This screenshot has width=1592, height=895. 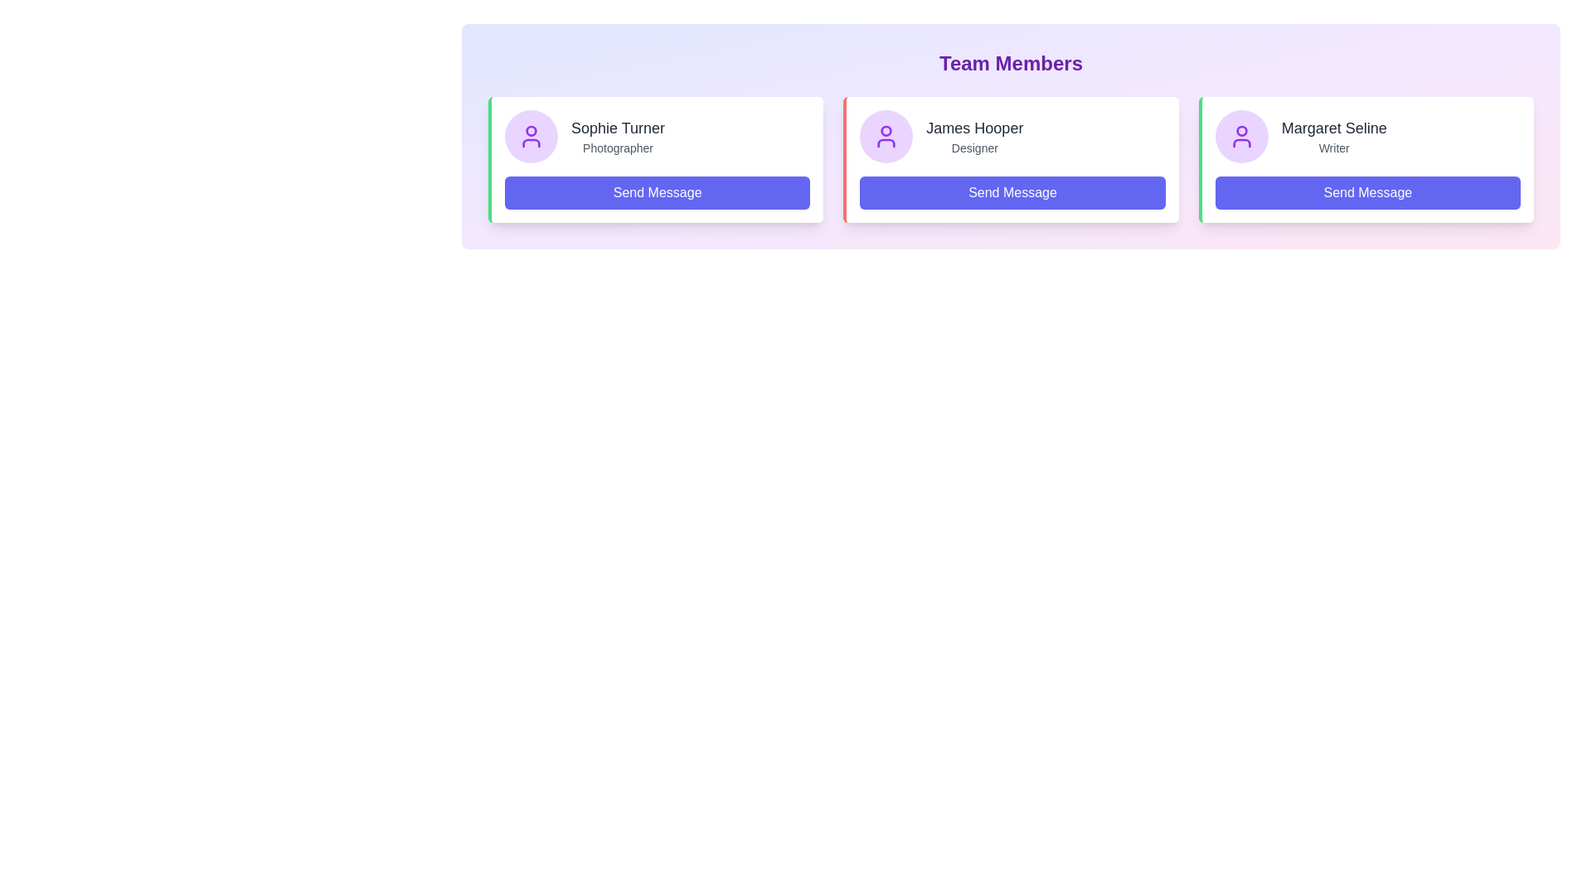 I want to click on the user icon depicting a simplified outline of a human figure, styled with purple coloring, located in the upper-middle section of the profile card labeled 'James Hooper - Designer', so click(x=886, y=136).